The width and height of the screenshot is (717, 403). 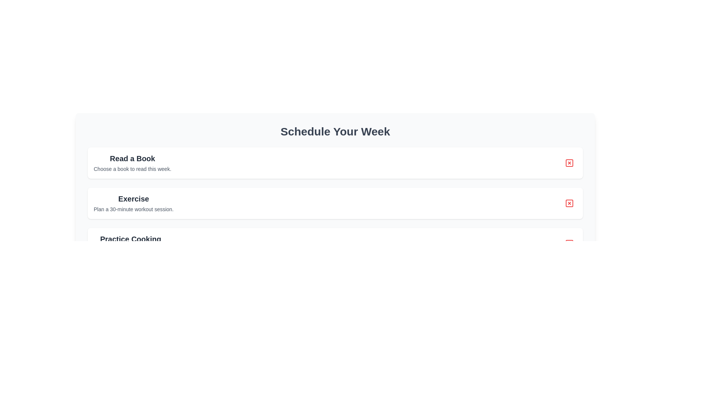 I want to click on the delete icon button associated with the 'Practice Cooking' task, so click(x=569, y=243).